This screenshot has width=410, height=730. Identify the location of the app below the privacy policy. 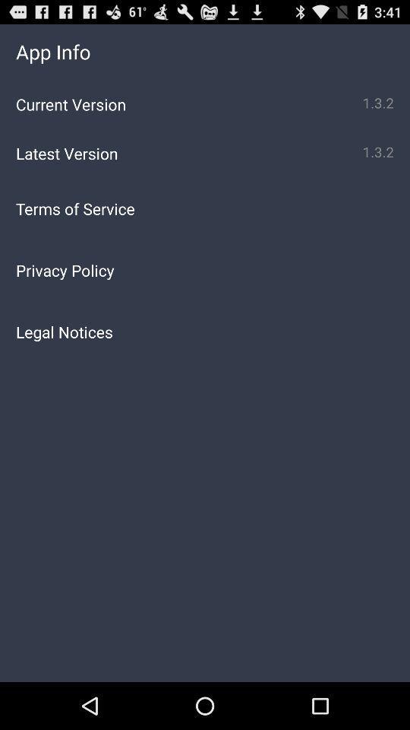
(205, 332).